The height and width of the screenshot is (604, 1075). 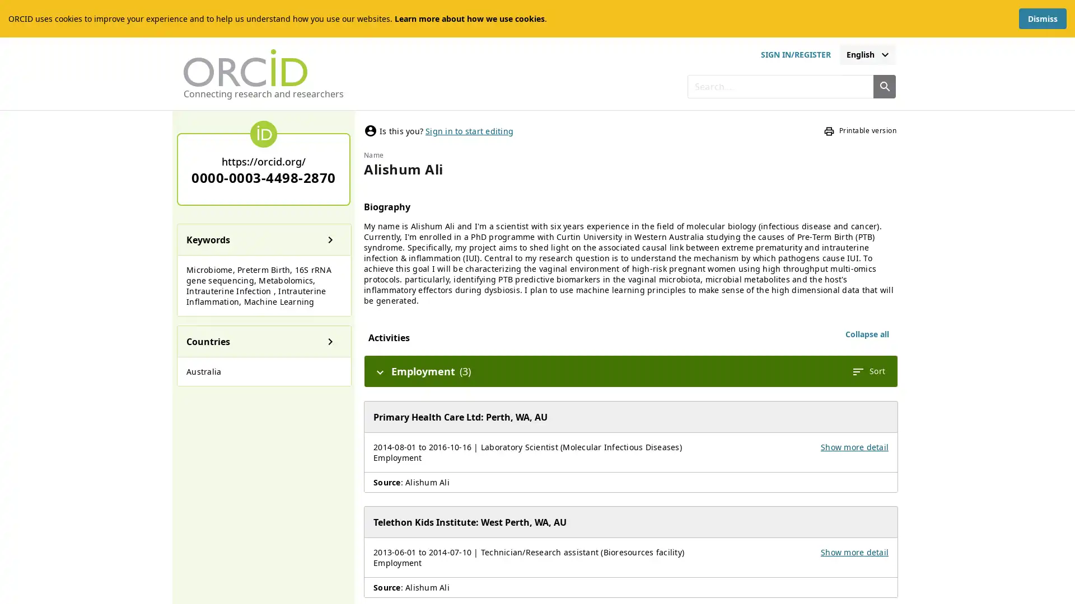 What do you see at coordinates (884, 86) in the screenshot?
I see `Search` at bounding box center [884, 86].